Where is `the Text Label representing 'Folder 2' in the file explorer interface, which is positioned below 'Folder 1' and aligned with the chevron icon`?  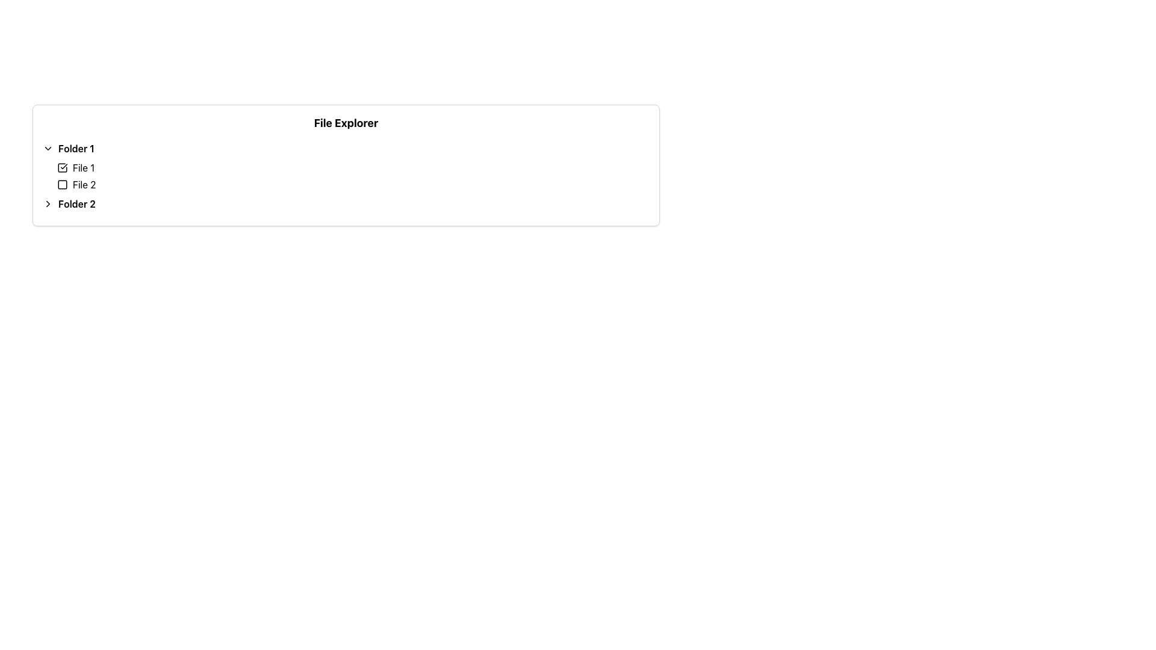
the Text Label representing 'Folder 2' in the file explorer interface, which is positioned below 'Folder 1' and aligned with the chevron icon is located at coordinates (76, 203).